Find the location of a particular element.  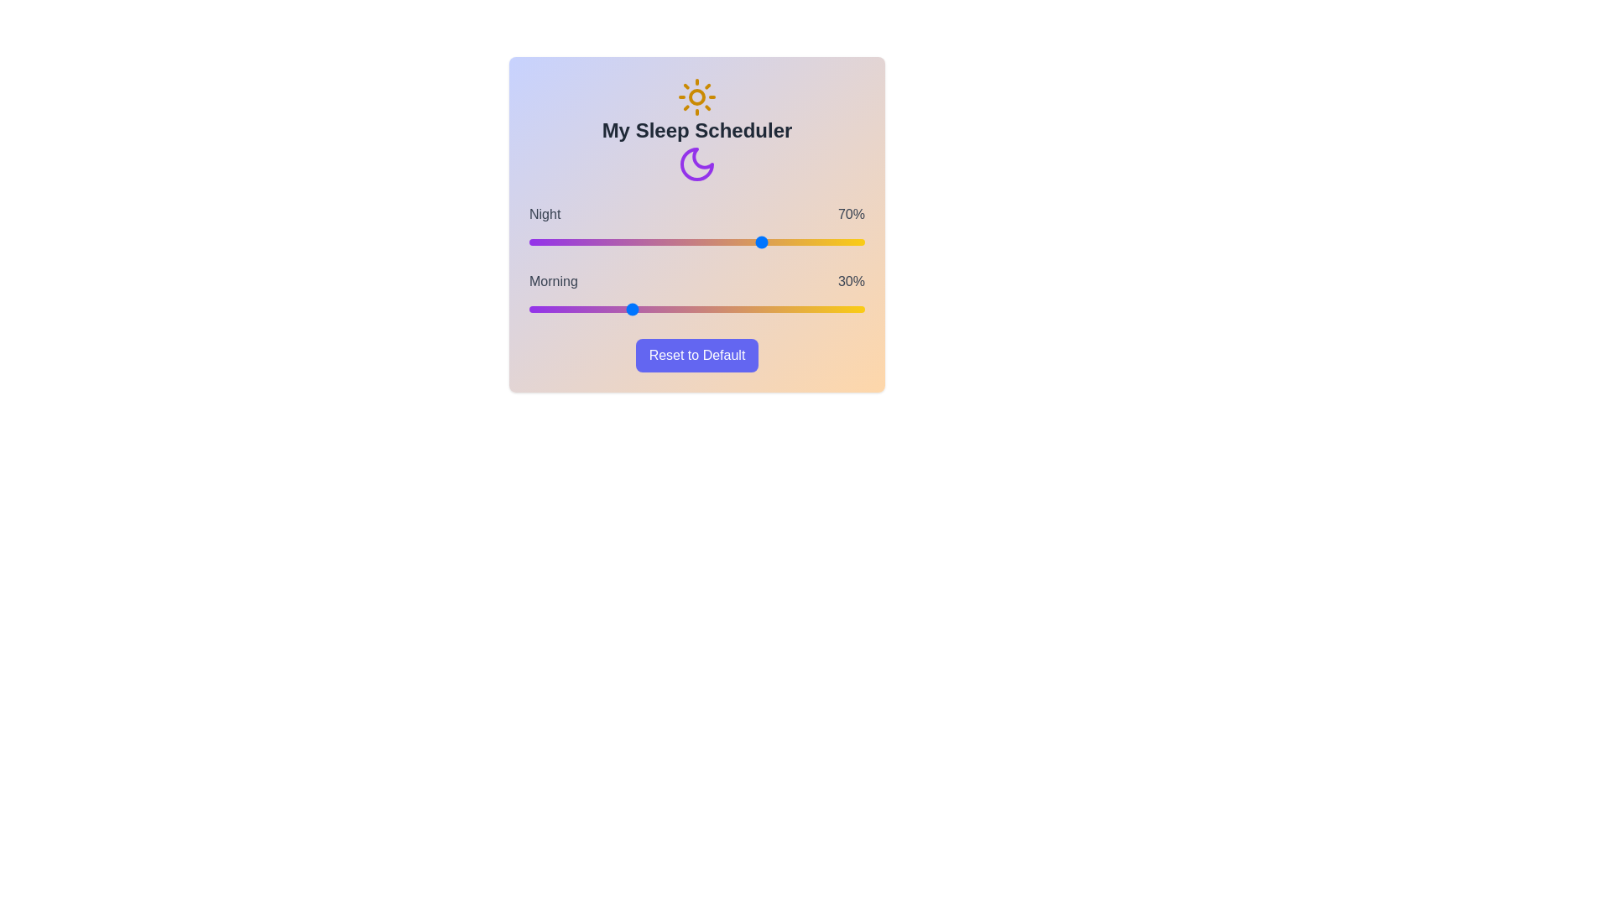

the 'Morning' slider to 13% is located at coordinates (572, 310).